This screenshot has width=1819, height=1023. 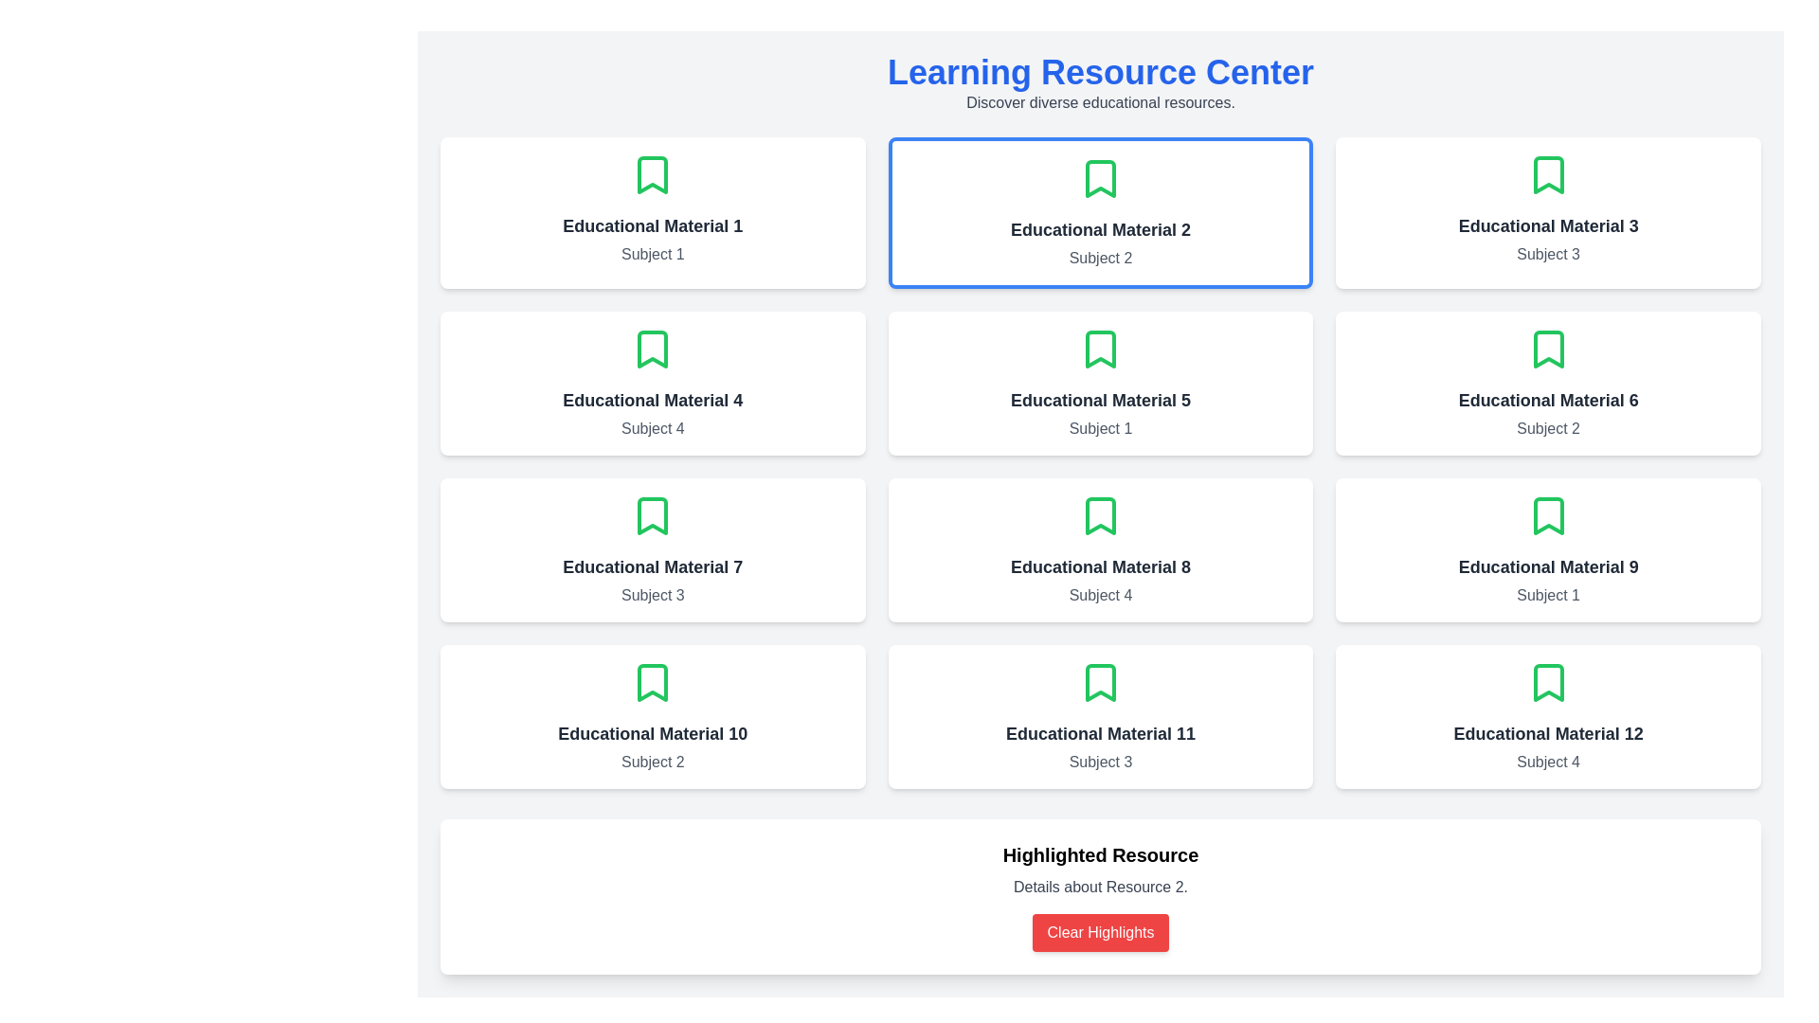 I want to click on the static text label displaying 'Subject 4' at the bottom of the 'Educational Material 8' card, which is located in the second column of the third row in the grid layout, so click(x=1100, y=594).